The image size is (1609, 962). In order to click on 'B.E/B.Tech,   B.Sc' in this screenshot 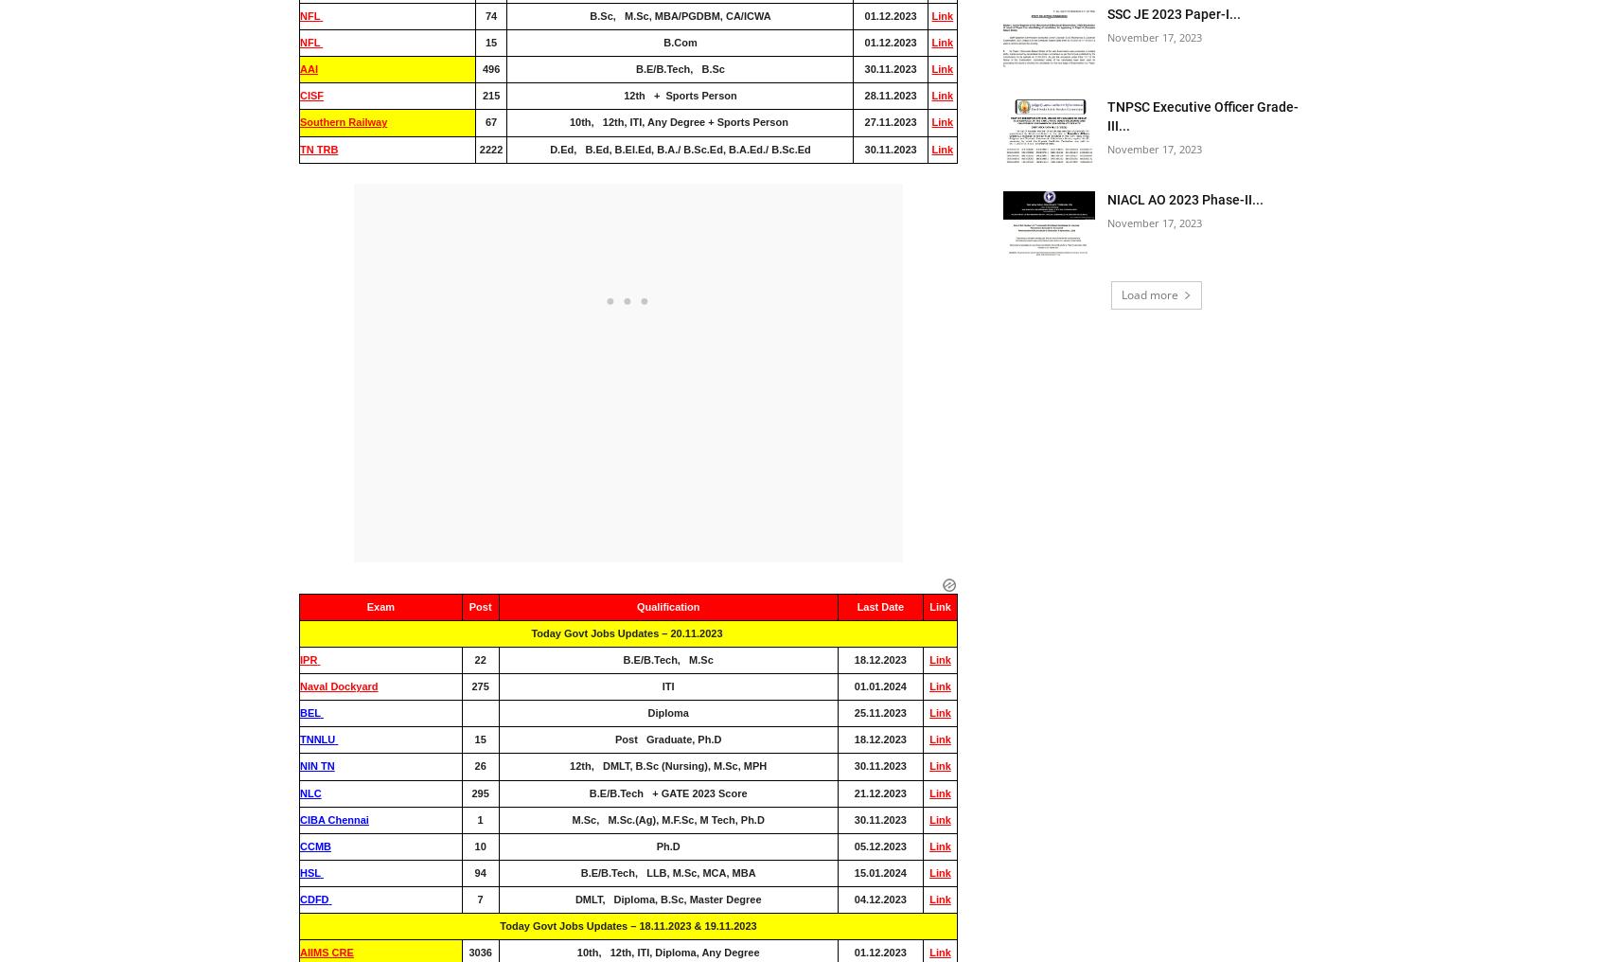, I will do `click(680, 69)`.